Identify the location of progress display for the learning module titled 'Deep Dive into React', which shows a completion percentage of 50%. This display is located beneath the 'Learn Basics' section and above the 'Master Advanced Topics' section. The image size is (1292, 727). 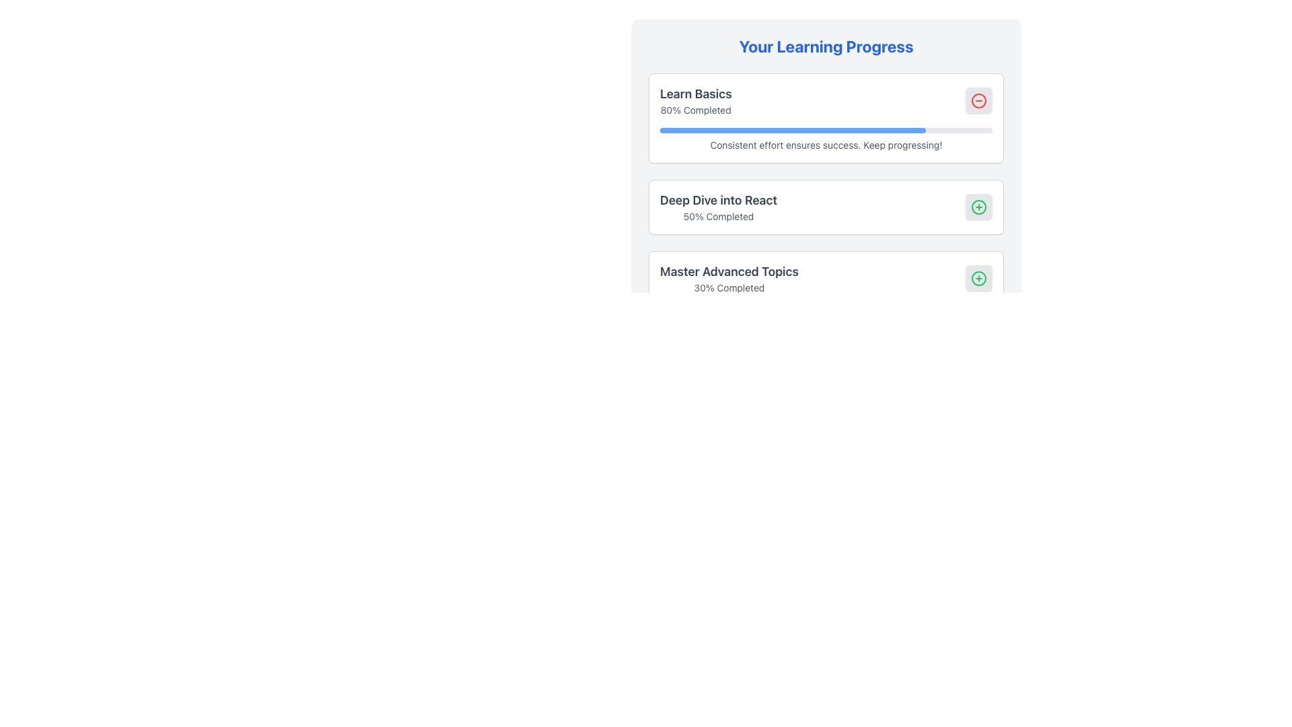
(718, 207).